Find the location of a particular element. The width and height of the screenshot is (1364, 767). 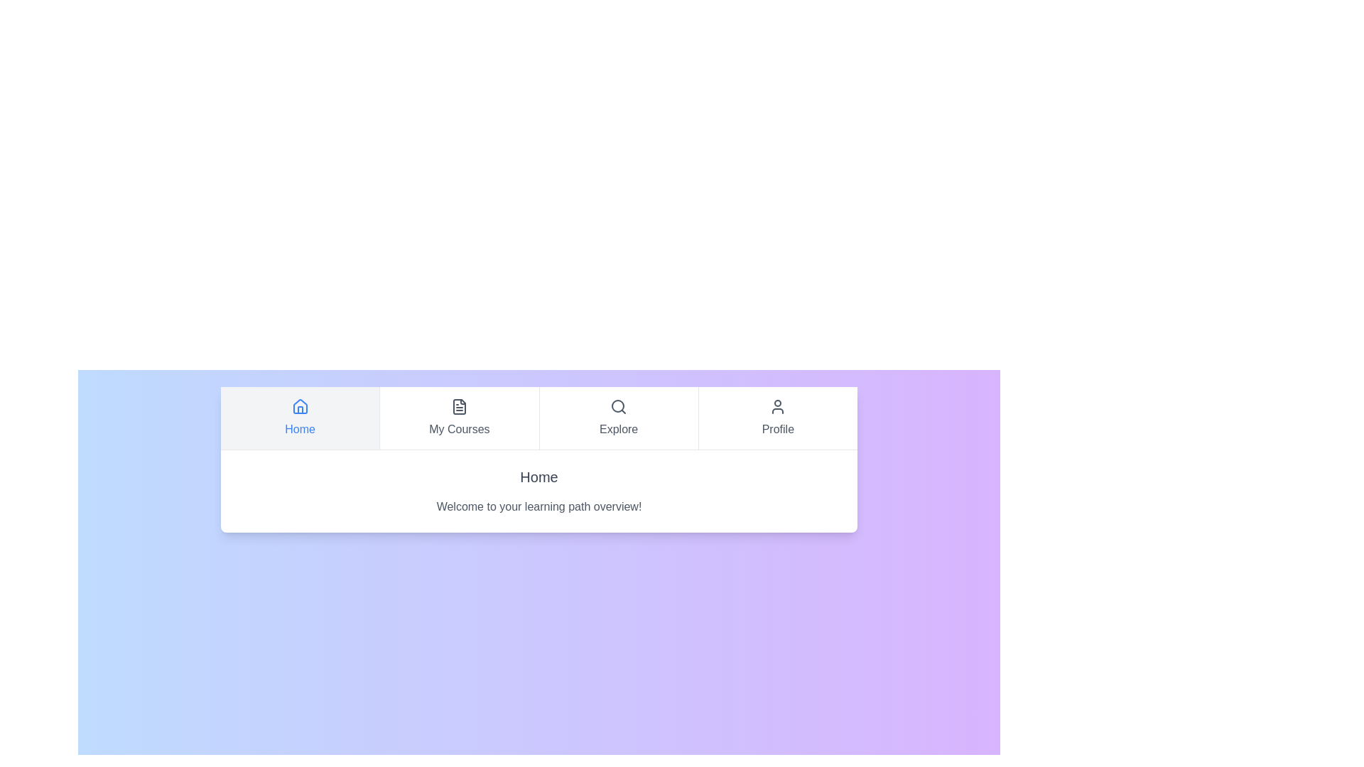

the tab labeled Home to navigate to its content is located at coordinates (299, 418).